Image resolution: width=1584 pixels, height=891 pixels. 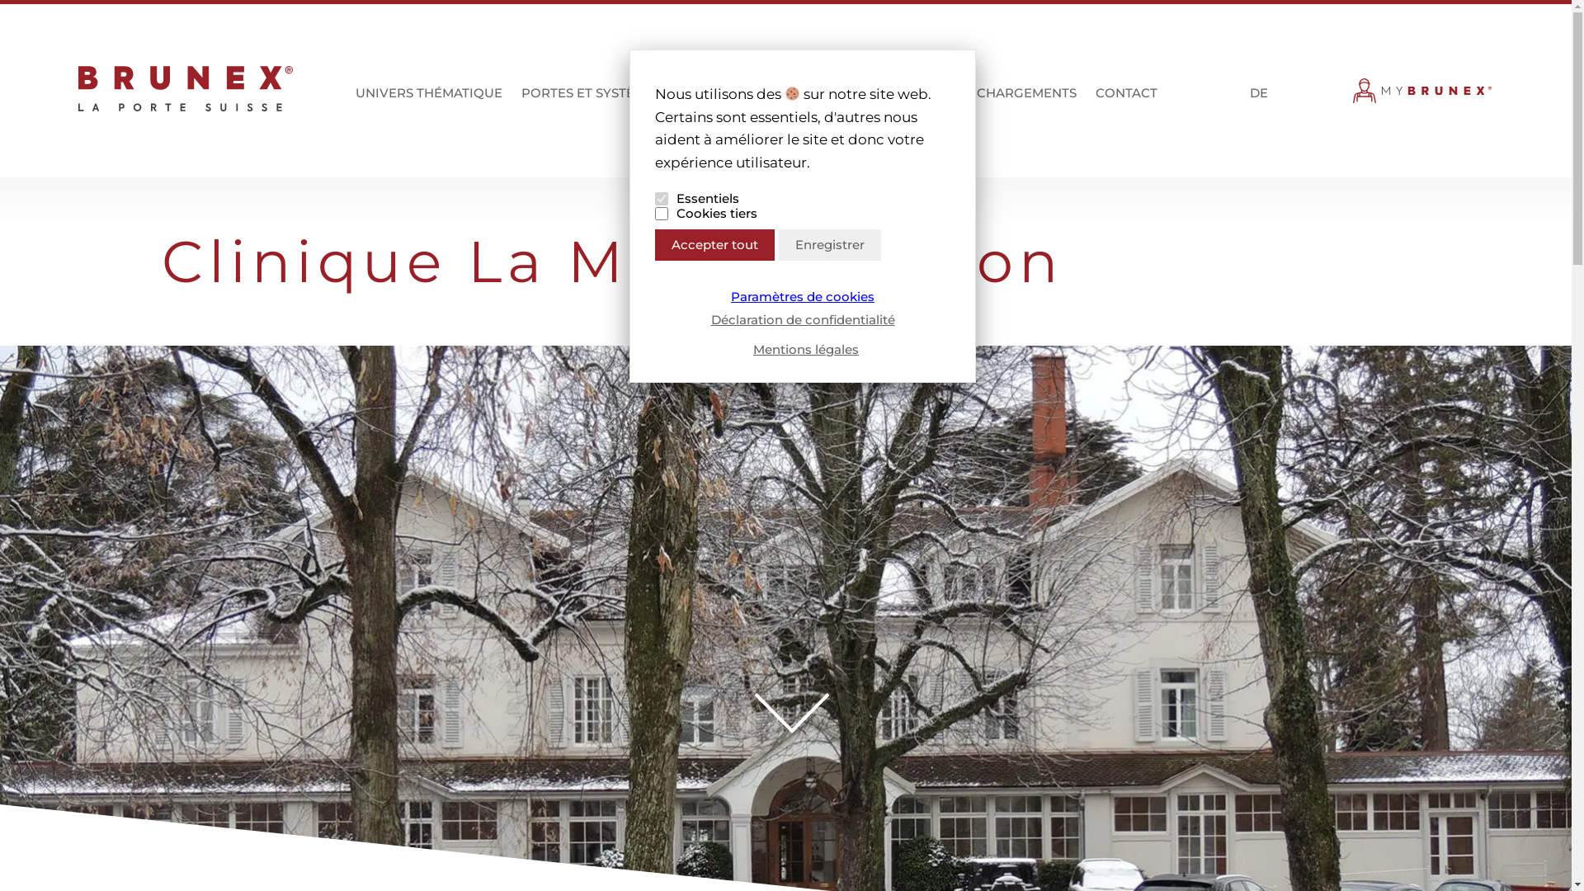 I want to click on 'Enregistrer', so click(x=778, y=245).